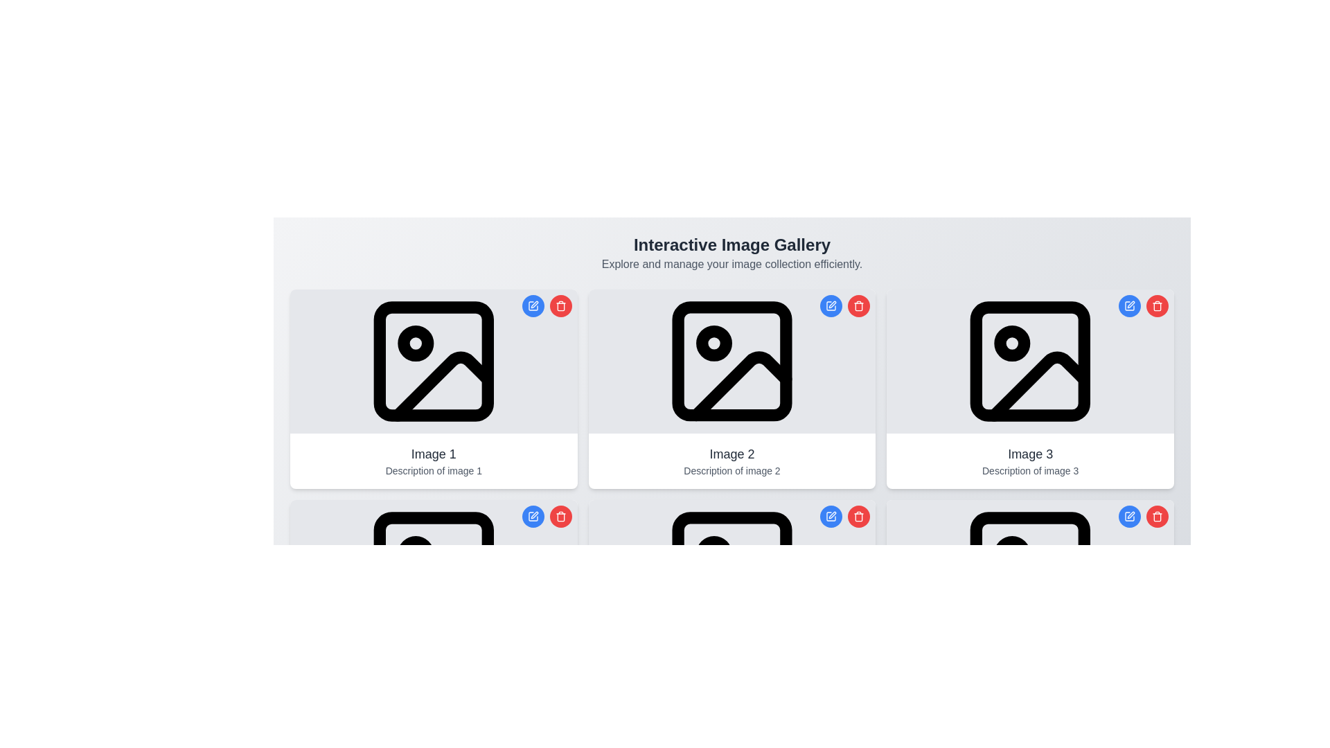 The height and width of the screenshot is (748, 1330). Describe the element at coordinates (433, 454) in the screenshot. I see `static text label that identifies the content as related to 'Image 1', which is located at the center of the card displaying information about 'Image 1'` at that location.